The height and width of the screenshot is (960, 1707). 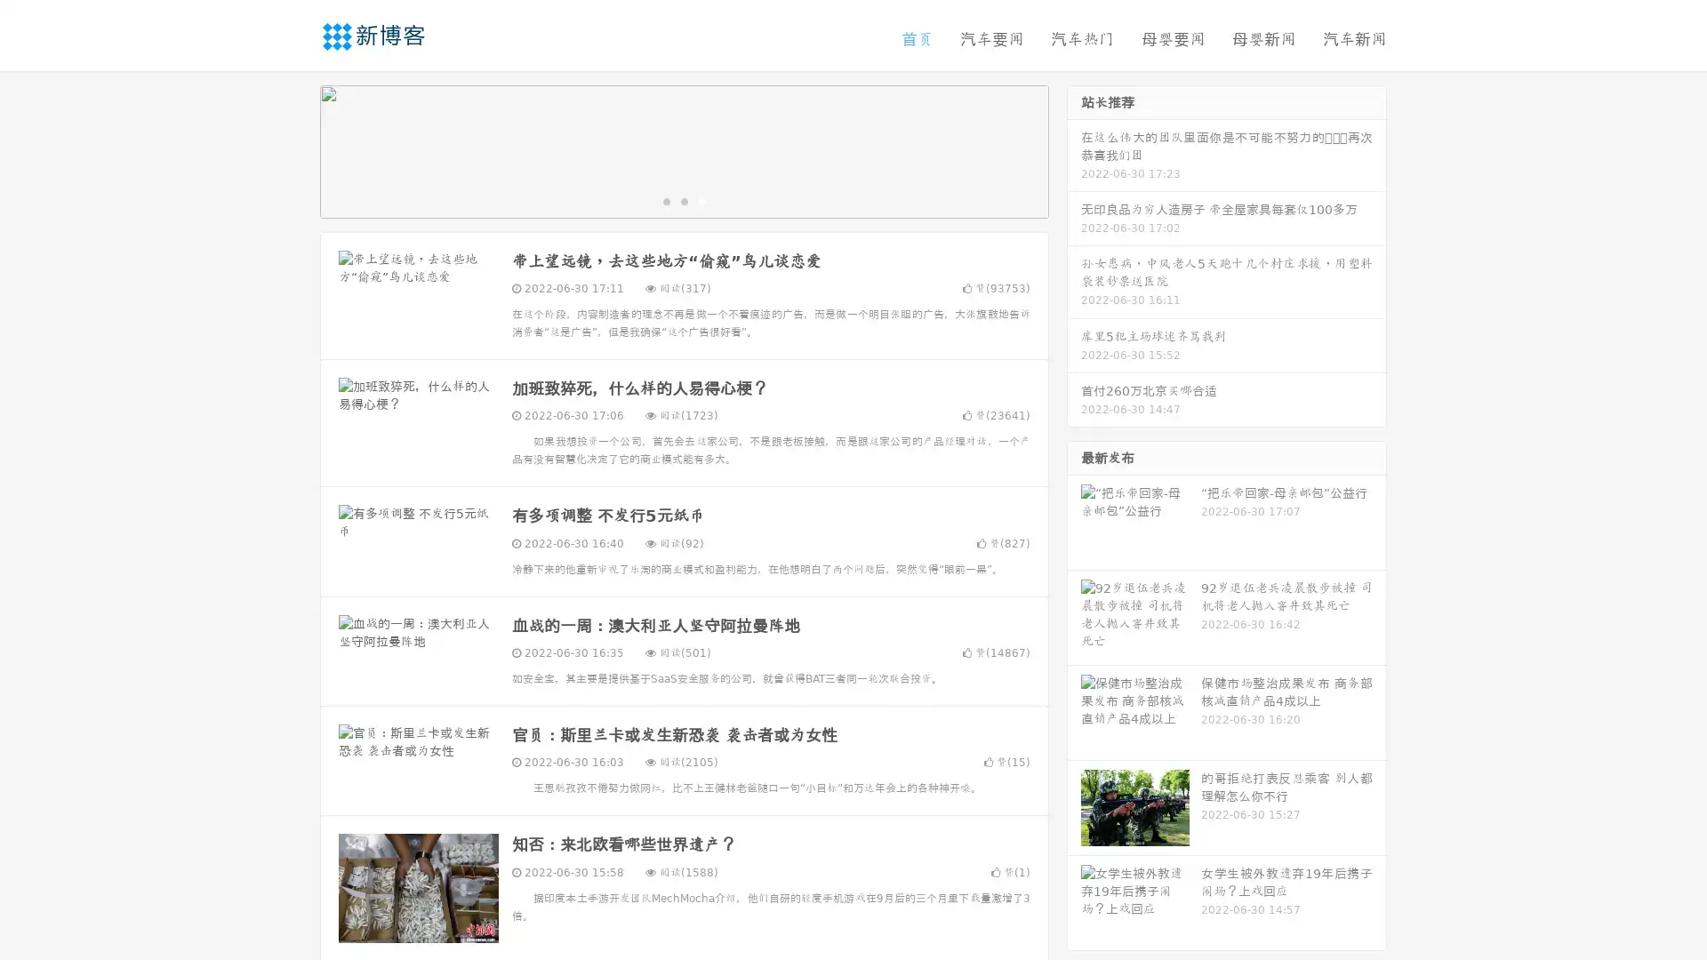 What do you see at coordinates (1074, 149) in the screenshot?
I see `Next slide` at bounding box center [1074, 149].